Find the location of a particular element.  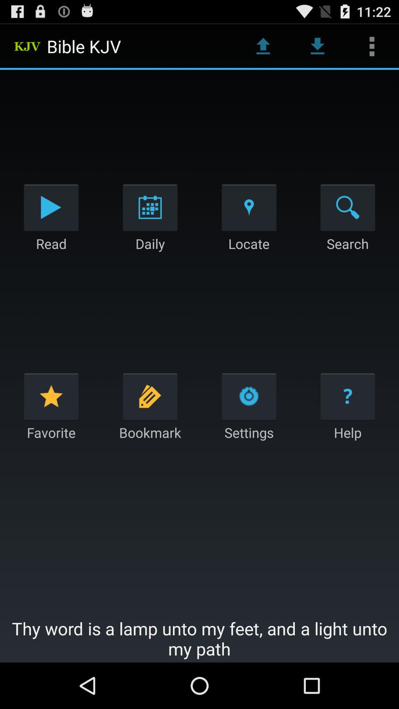

the search icon is located at coordinates (348, 222).